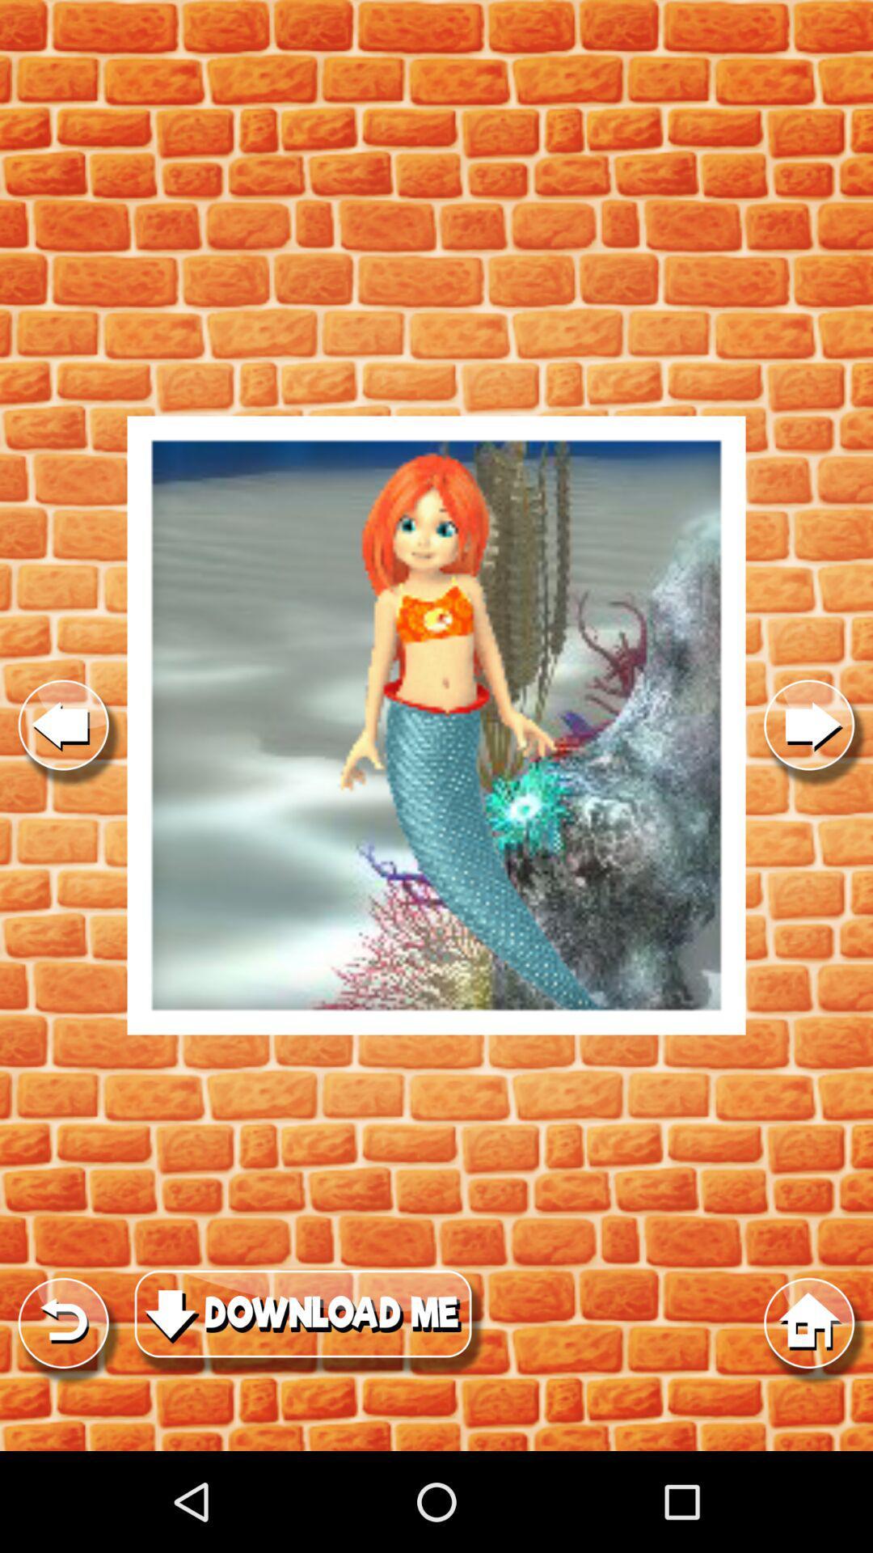 The height and width of the screenshot is (1553, 873). What do you see at coordinates (62, 1415) in the screenshot?
I see `the undo icon` at bounding box center [62, 1415].